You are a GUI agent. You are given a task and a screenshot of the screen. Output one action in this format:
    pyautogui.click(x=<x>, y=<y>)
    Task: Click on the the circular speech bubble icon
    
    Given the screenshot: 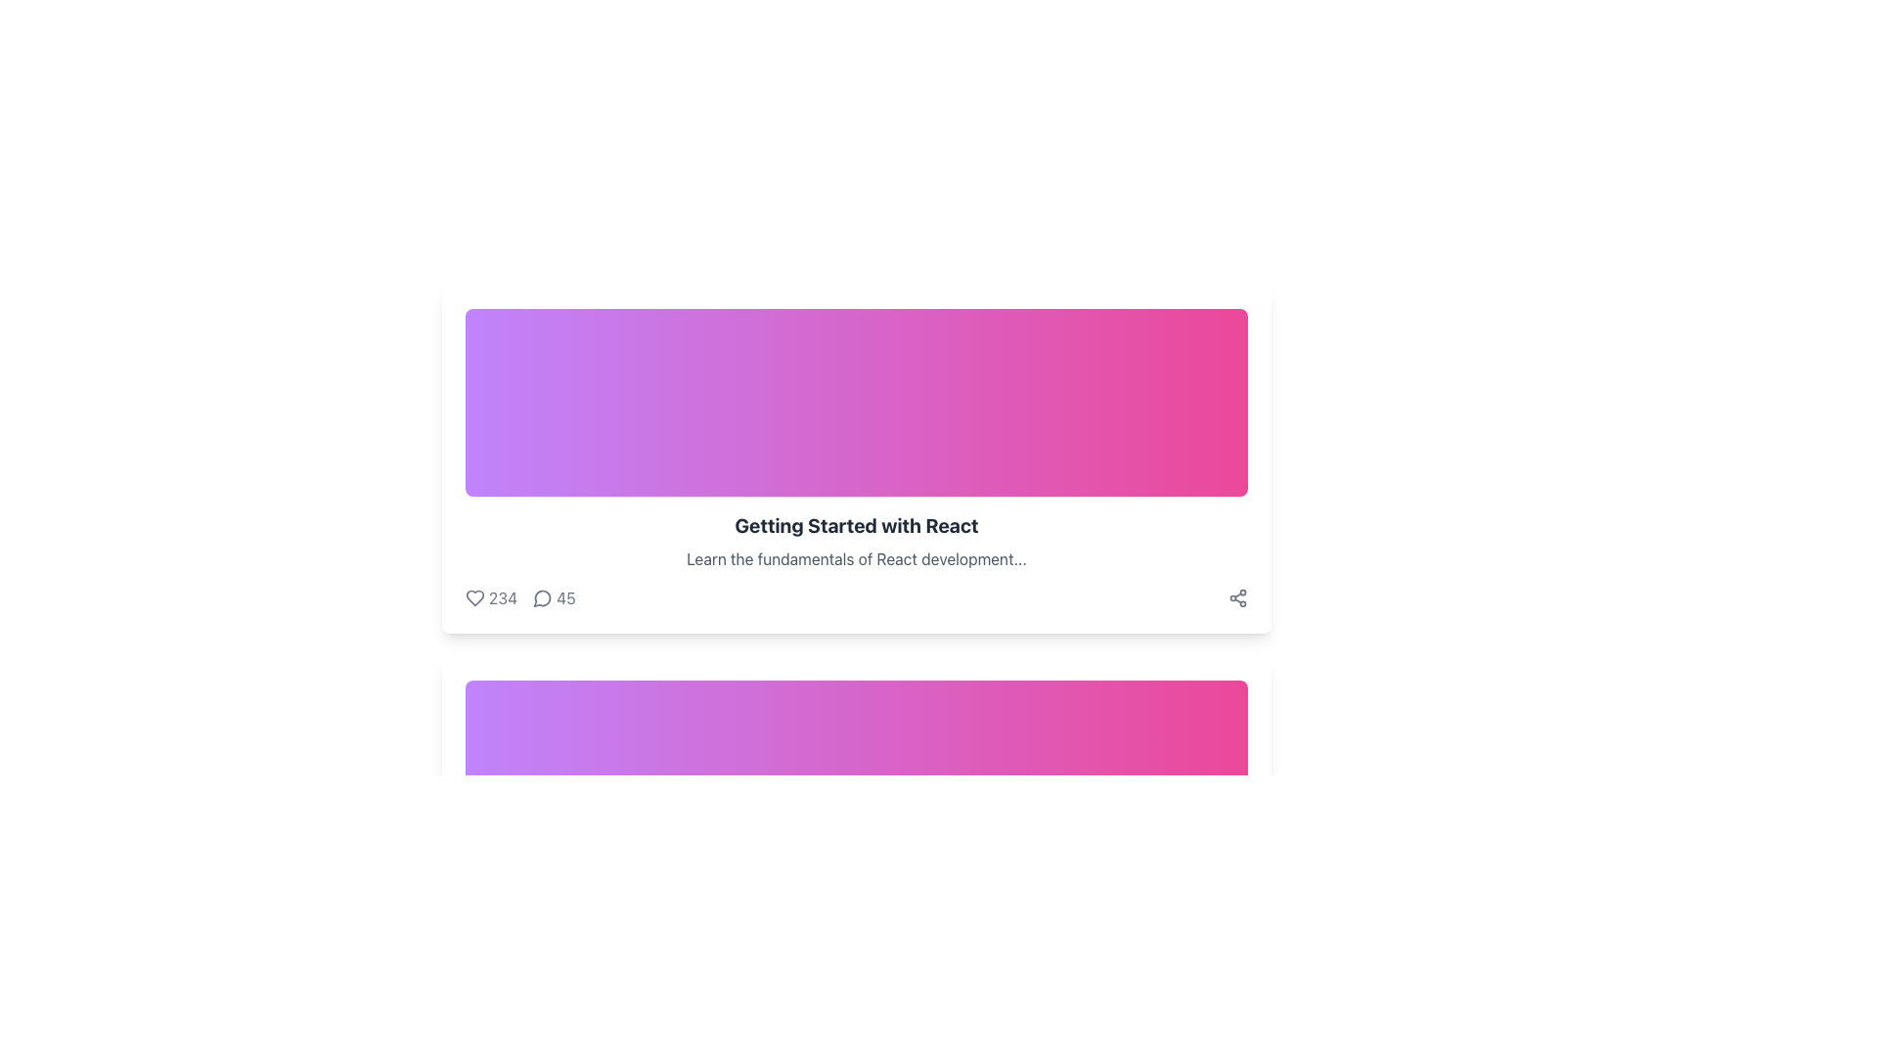 What is the action you would take?
    pyautogui.click(x=543, y=597)
    